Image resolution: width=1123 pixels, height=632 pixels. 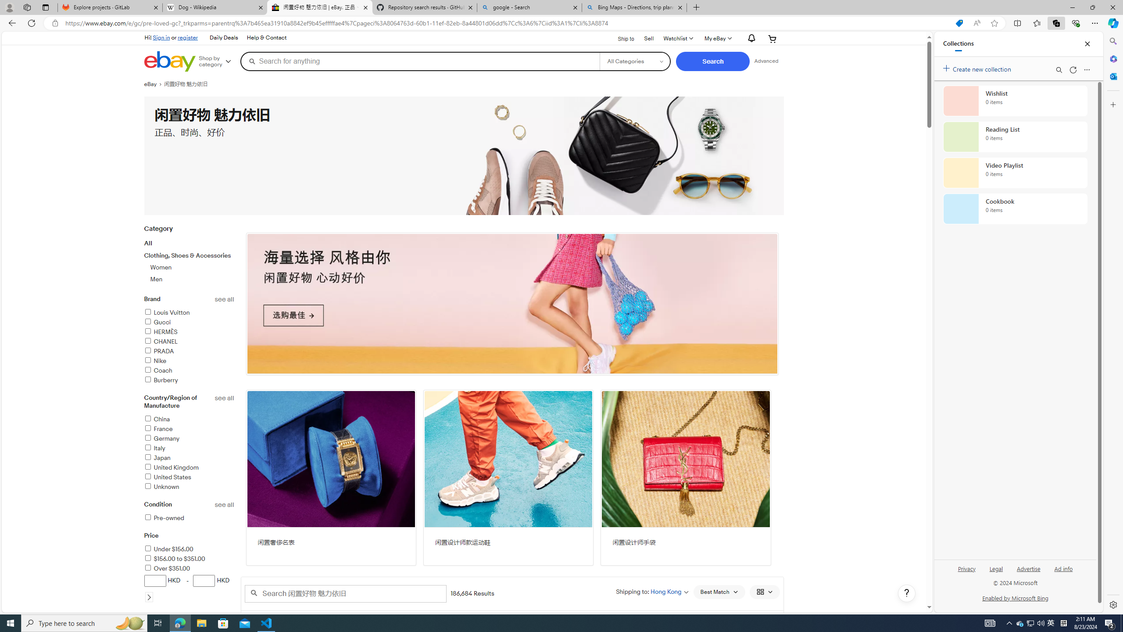 I want to click on '$156.00 to $351.00', so click(x=189, y=559).